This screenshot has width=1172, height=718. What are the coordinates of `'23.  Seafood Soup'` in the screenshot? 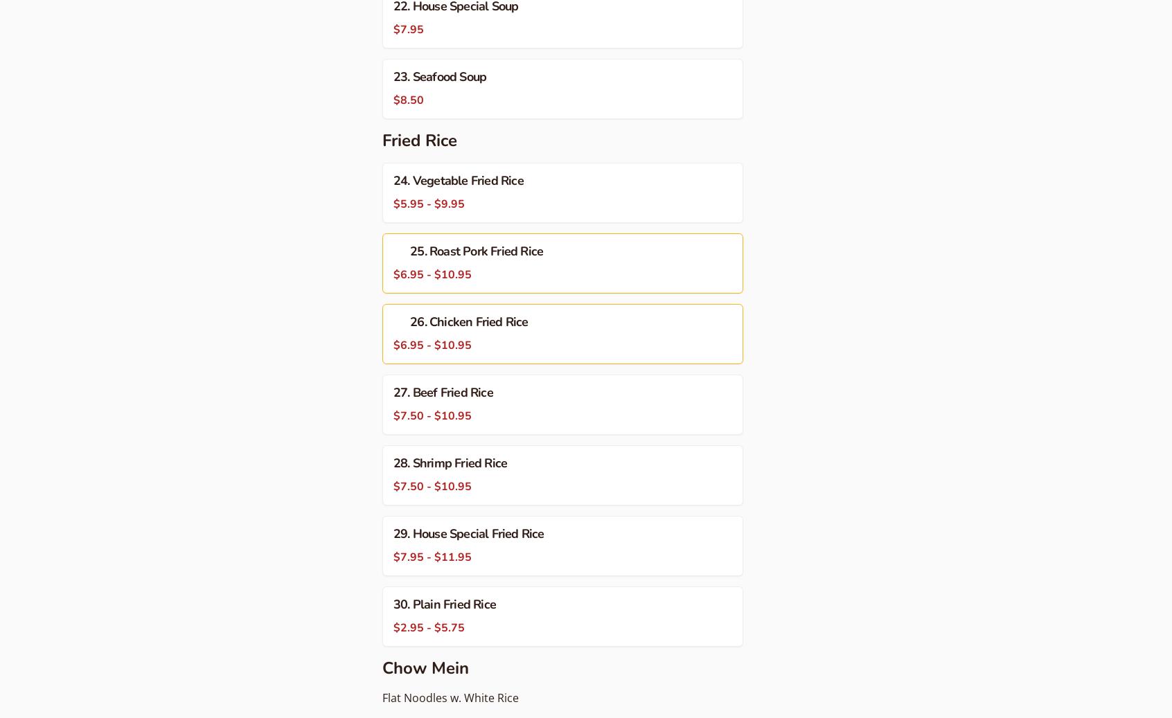 It's located at (439, 75).